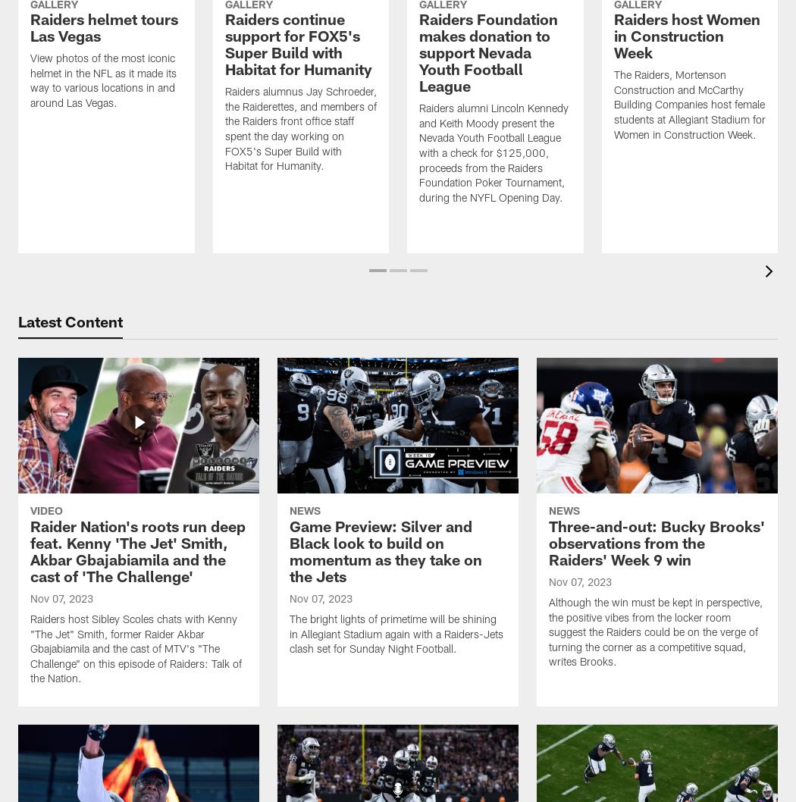 This screenshot has height=802, width=796. What do you see at coordinates (656, 545) in the screenshot?
I see `'Three-and-out: Bucky Brooks' observations from the Raiders' Week 9 win'` at bounding box center [656, 545].